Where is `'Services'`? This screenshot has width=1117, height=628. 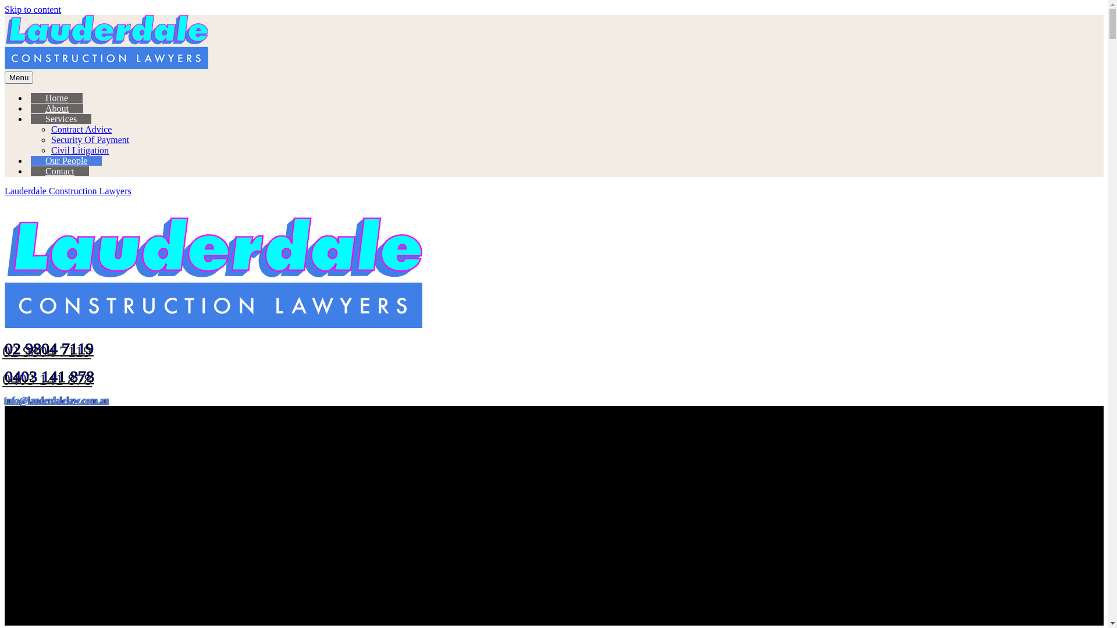 'Services' is located at coordinates (61, 119).